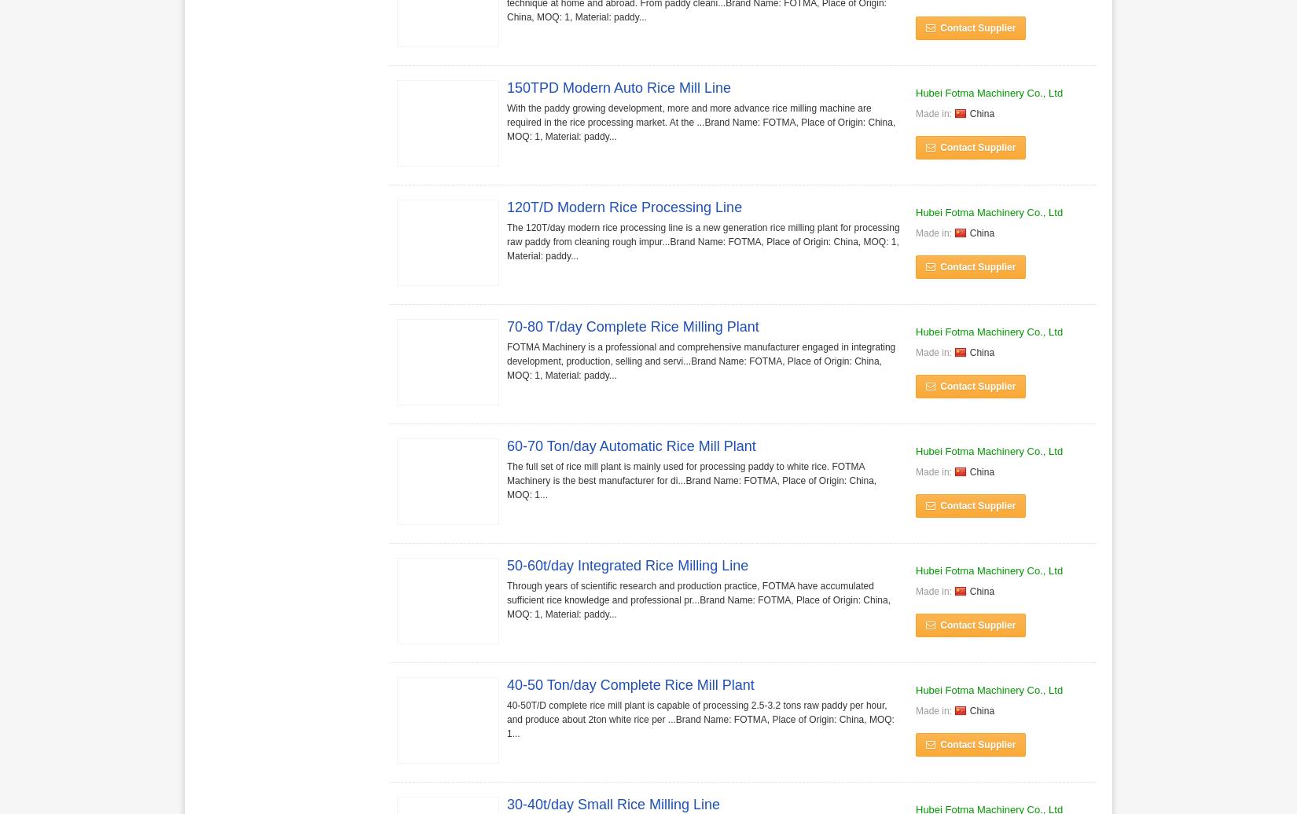 This screenshot has height=814, width=1297. Describe the element at coordinates (703, 240) in the screenshot. I see `'The 120T/day modern rice processing line is a new generation rice milling plant for processing raw paddy from cleaning rough impur...Brand Name: FOTMA, Place of Origin: China, MOQ: 1, Material: paddy...'` at that location.